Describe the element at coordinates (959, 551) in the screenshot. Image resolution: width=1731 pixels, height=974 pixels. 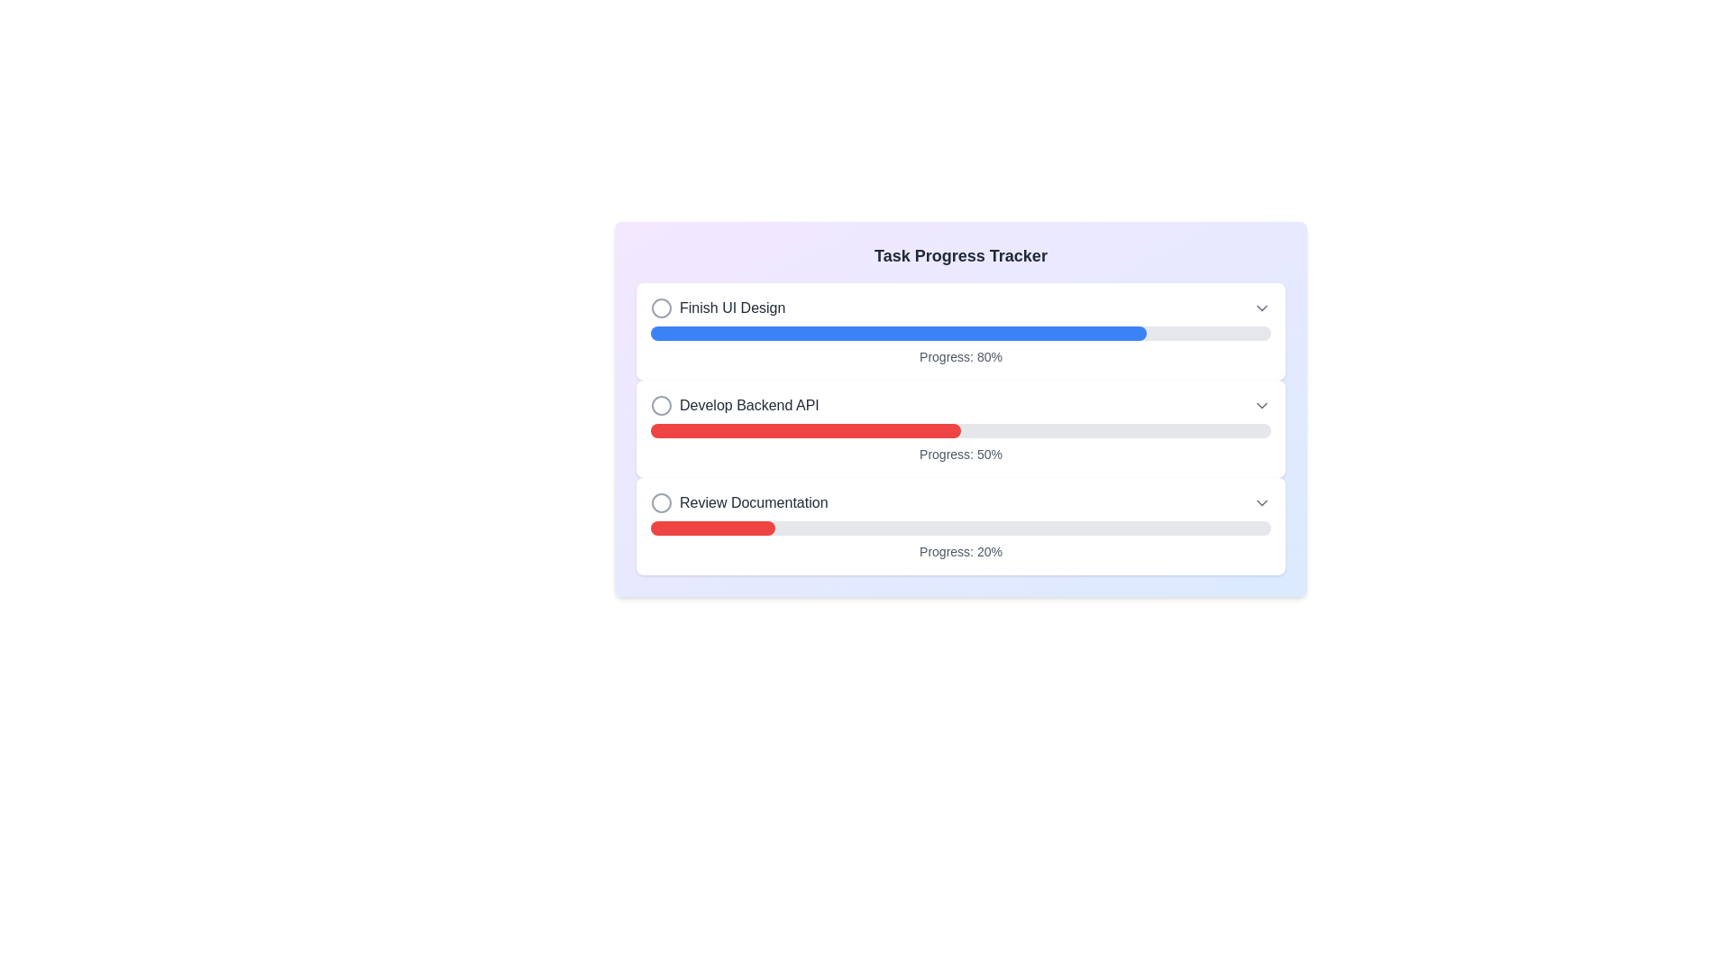
I see `information displayed in the Text Display showing 'Progress: 20%' located in the 'Review Documentation' section` at that location.